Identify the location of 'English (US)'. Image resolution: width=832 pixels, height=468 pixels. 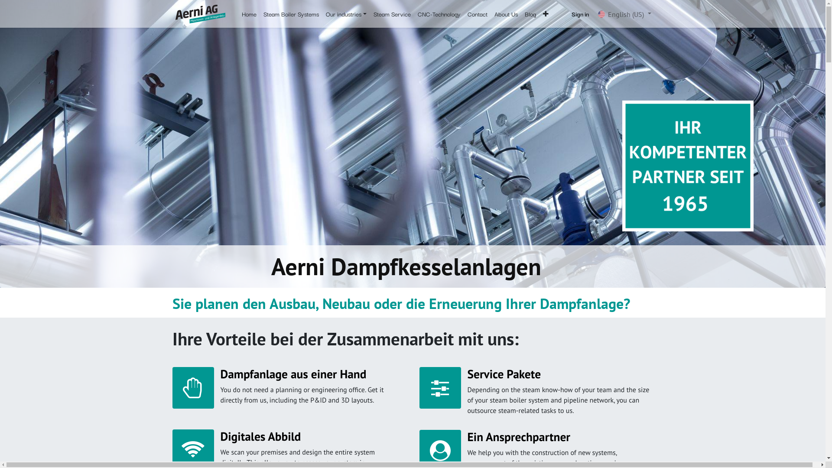
(624, 13).